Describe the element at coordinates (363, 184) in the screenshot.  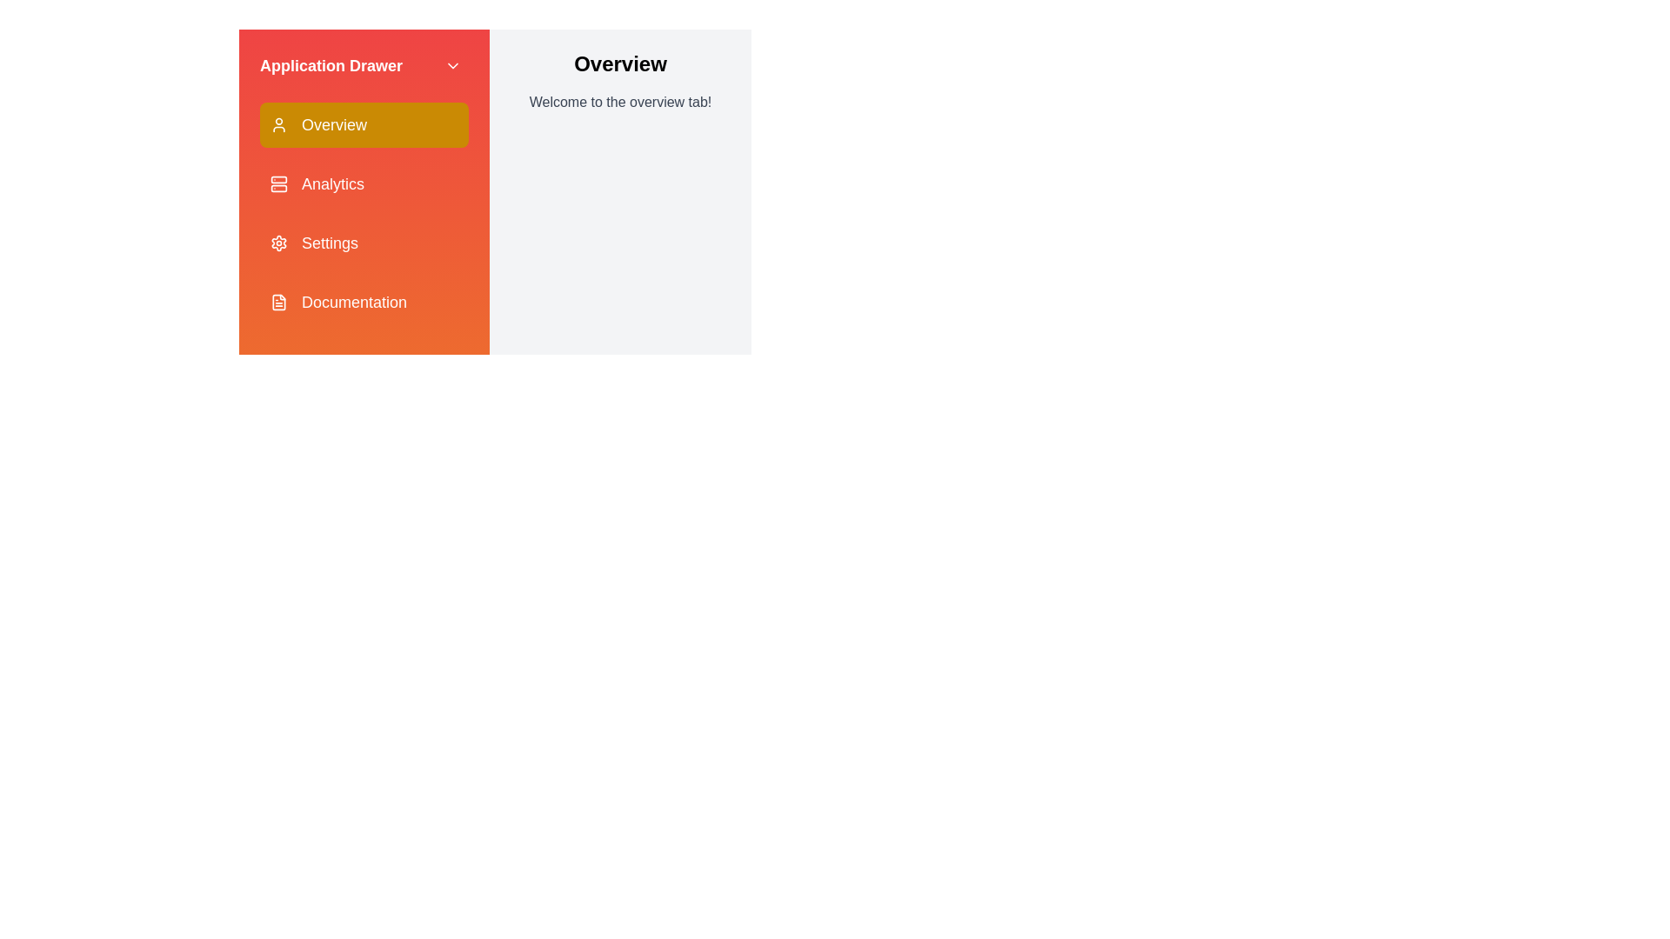
I see `the menu item titled Analytics to observe the hover effect` at that location.